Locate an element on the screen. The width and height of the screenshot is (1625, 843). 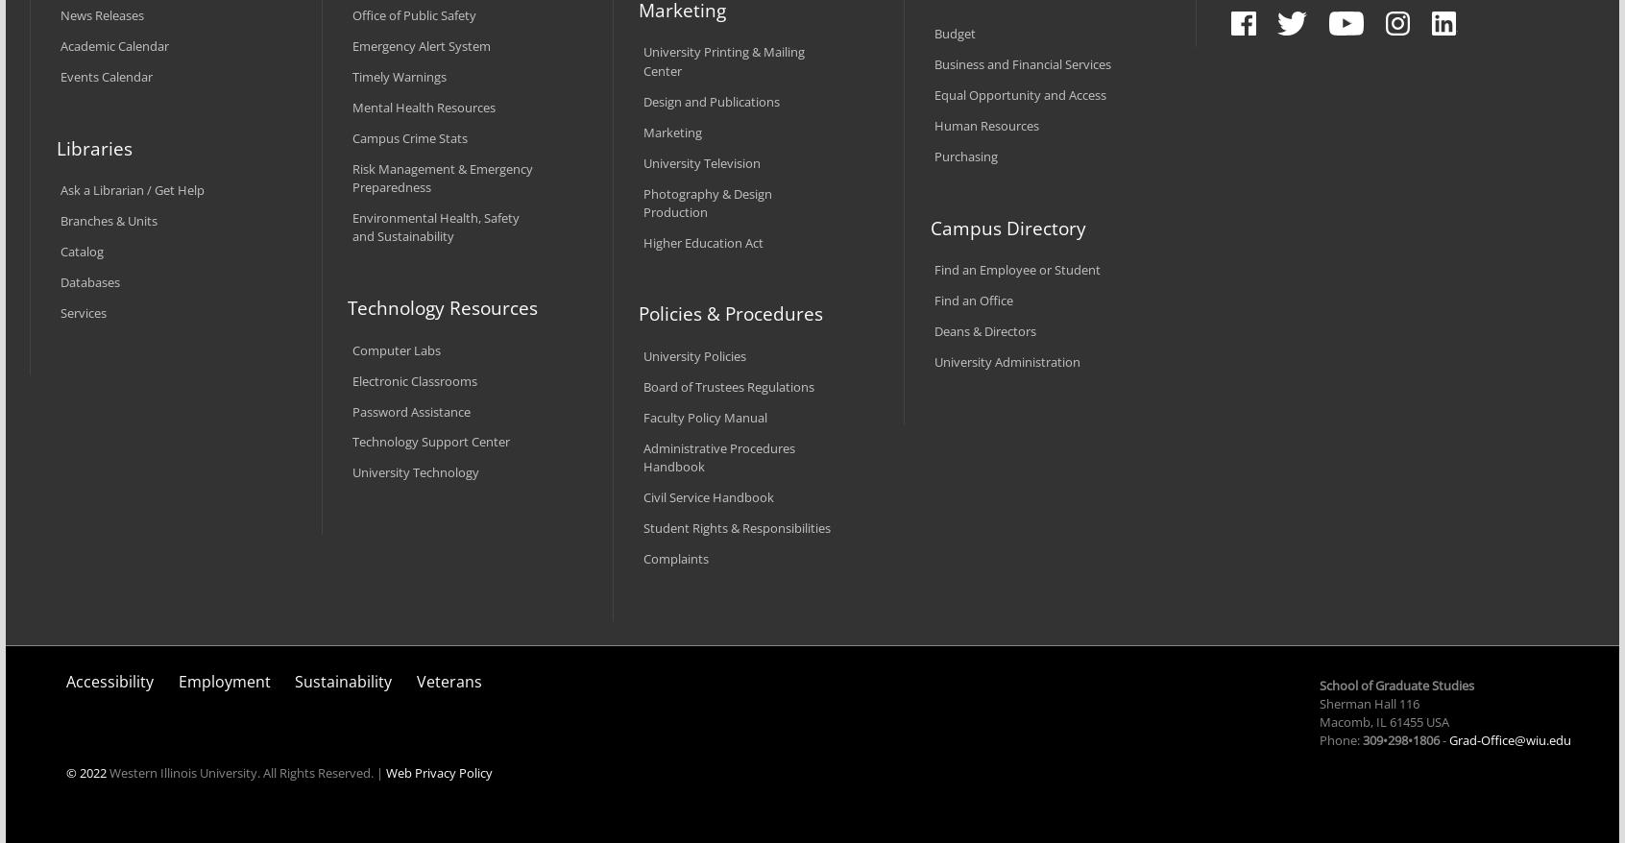
'Emergency Alert System' is located at coordinates (420, 46).